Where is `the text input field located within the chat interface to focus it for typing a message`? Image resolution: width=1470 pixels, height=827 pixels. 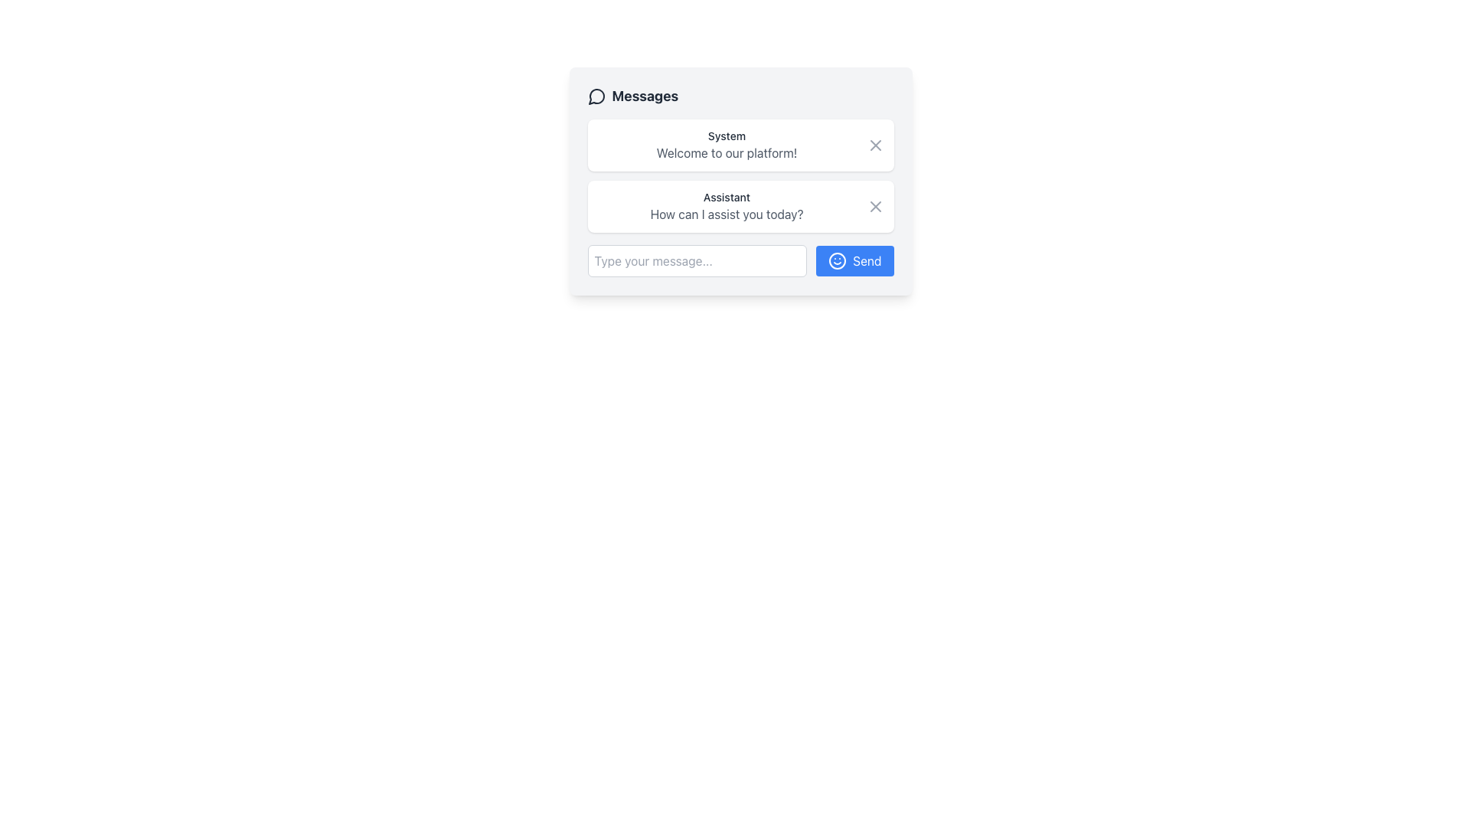
the text input field located within the chat interface to focus it for typing a message is located at coordinates (696, 260).